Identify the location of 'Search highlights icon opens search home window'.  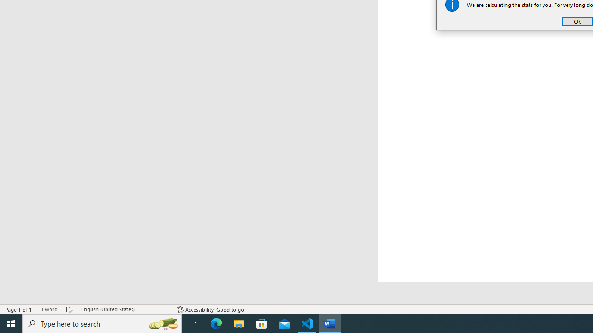
(163, 323).